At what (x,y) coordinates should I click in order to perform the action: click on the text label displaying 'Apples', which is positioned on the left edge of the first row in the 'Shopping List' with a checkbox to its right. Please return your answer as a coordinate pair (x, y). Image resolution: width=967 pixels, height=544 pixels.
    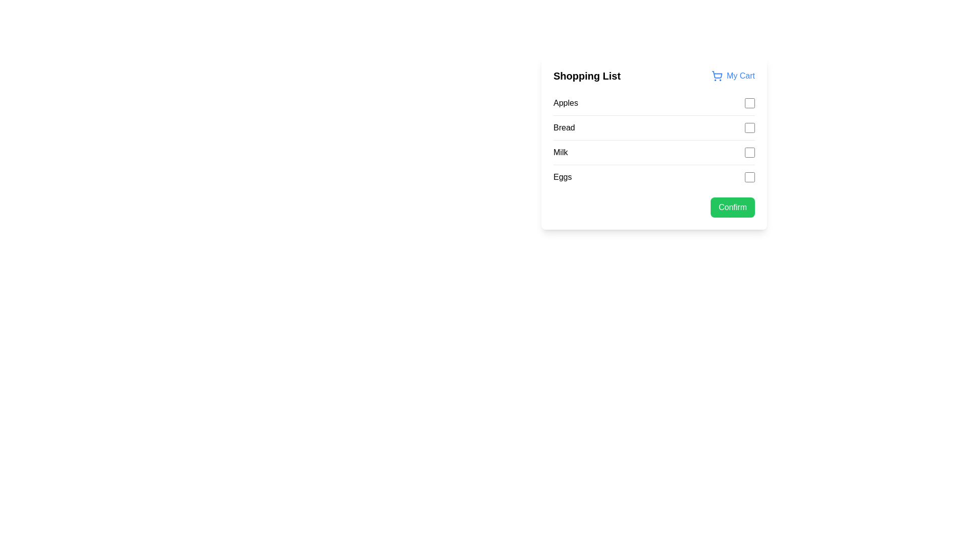
    Looking at the image, I should click on (566, 103).